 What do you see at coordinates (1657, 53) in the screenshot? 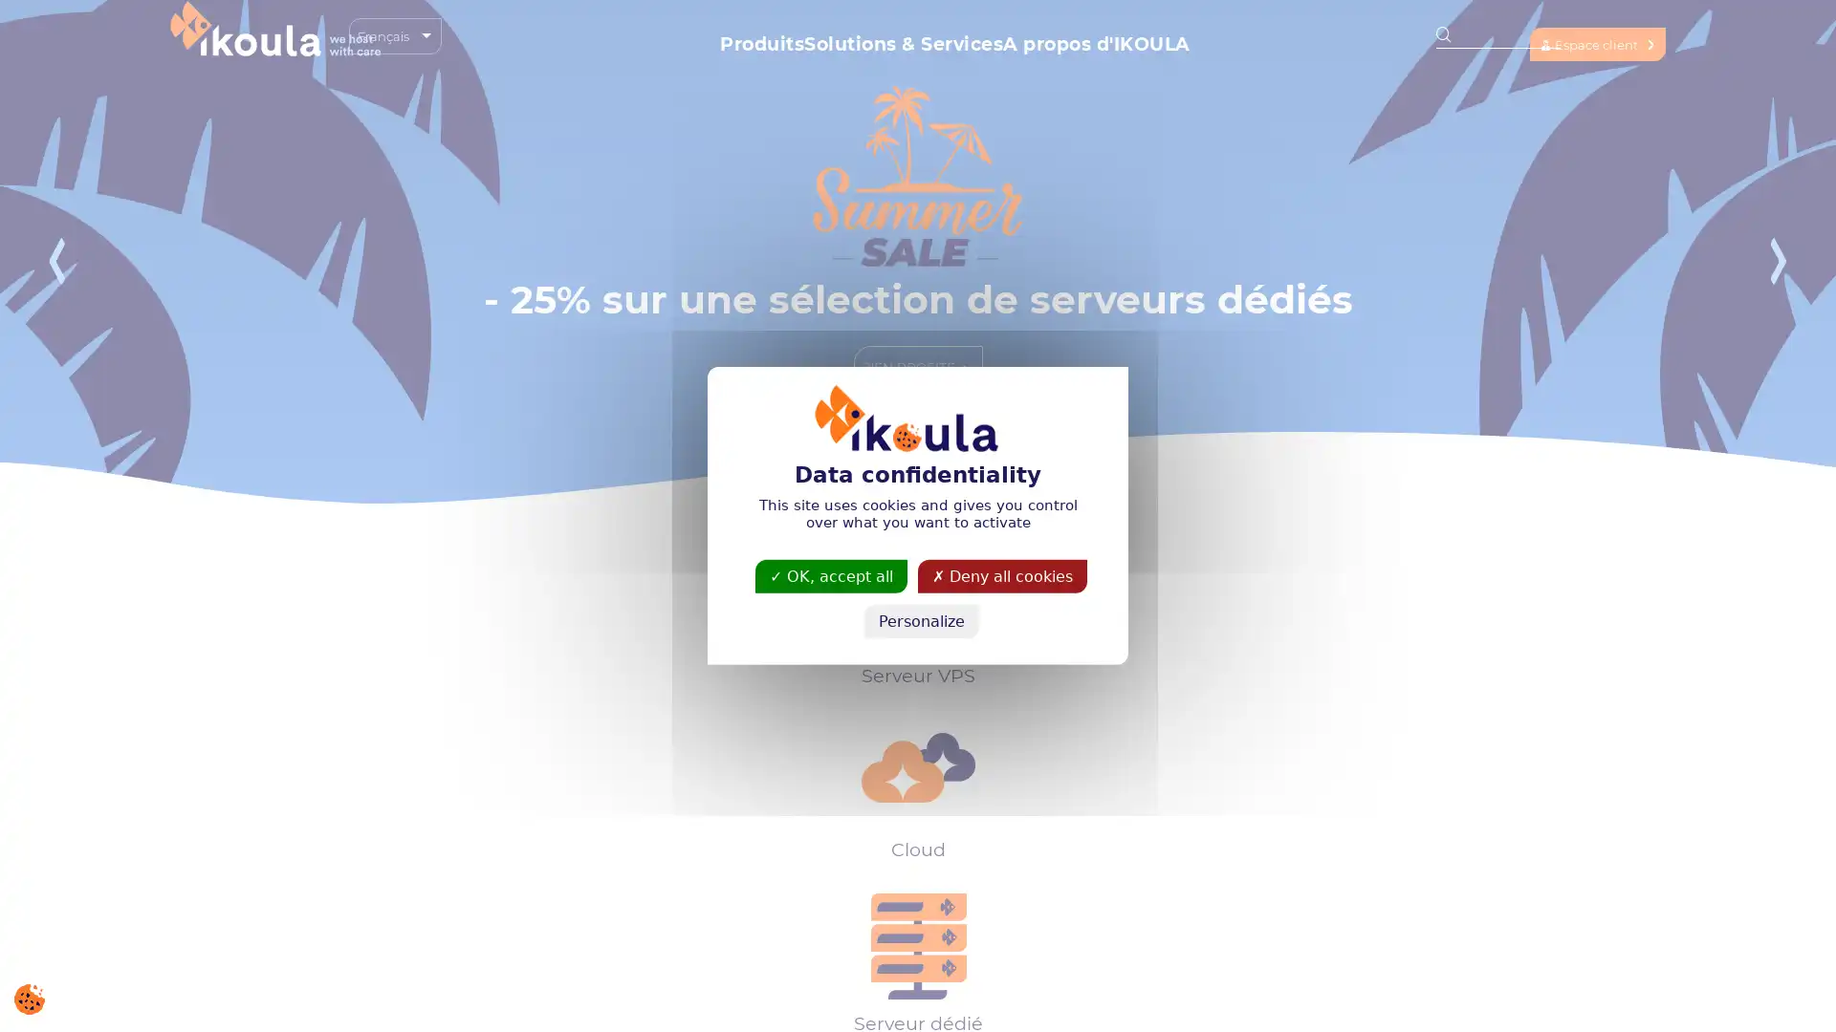
I see `Espace client` at bounding box center [1657, 53].